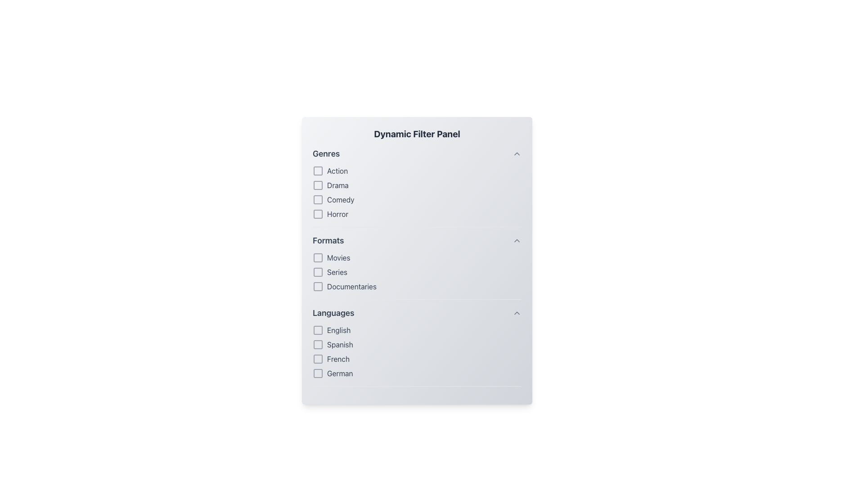  What do you see at coordinates (318, 258) in the screenshot?
I see `the checkbox located in the 'Formats' section` at bounding box center [318, 258].